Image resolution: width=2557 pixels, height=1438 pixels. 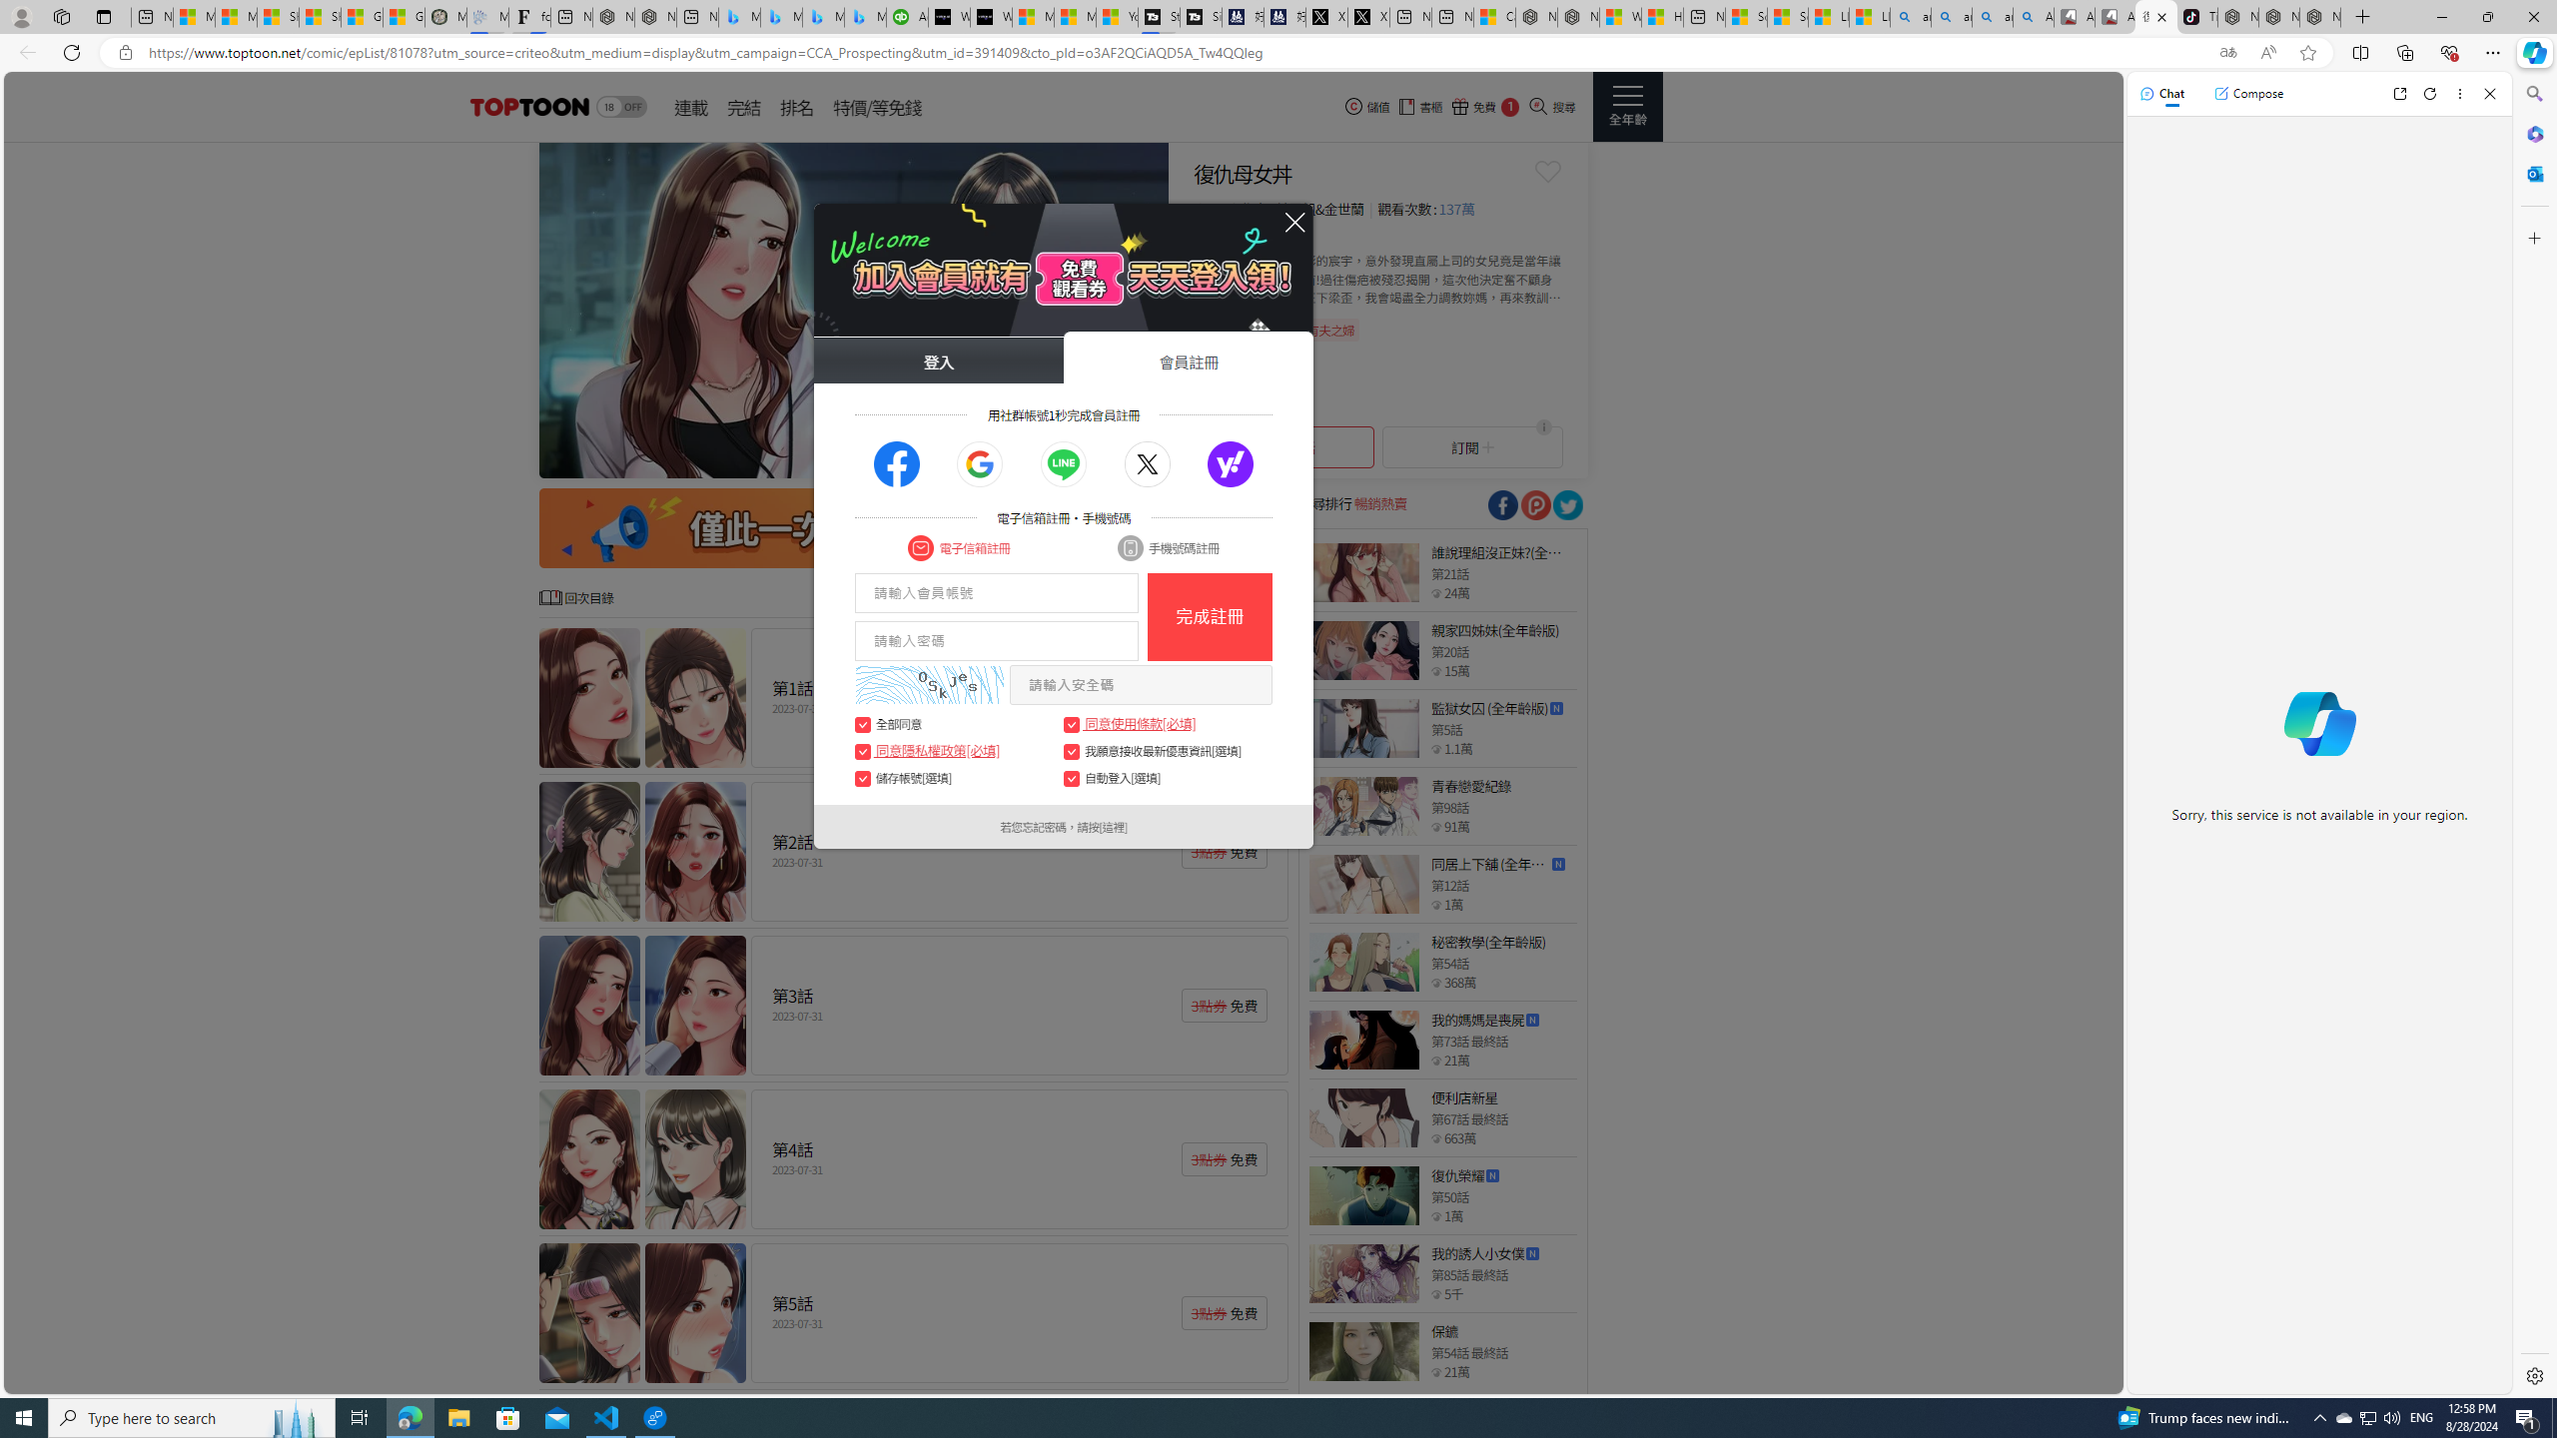 I want to click on 'Amazon Echo Robot - Search Images', so click(x=2033, y=16).